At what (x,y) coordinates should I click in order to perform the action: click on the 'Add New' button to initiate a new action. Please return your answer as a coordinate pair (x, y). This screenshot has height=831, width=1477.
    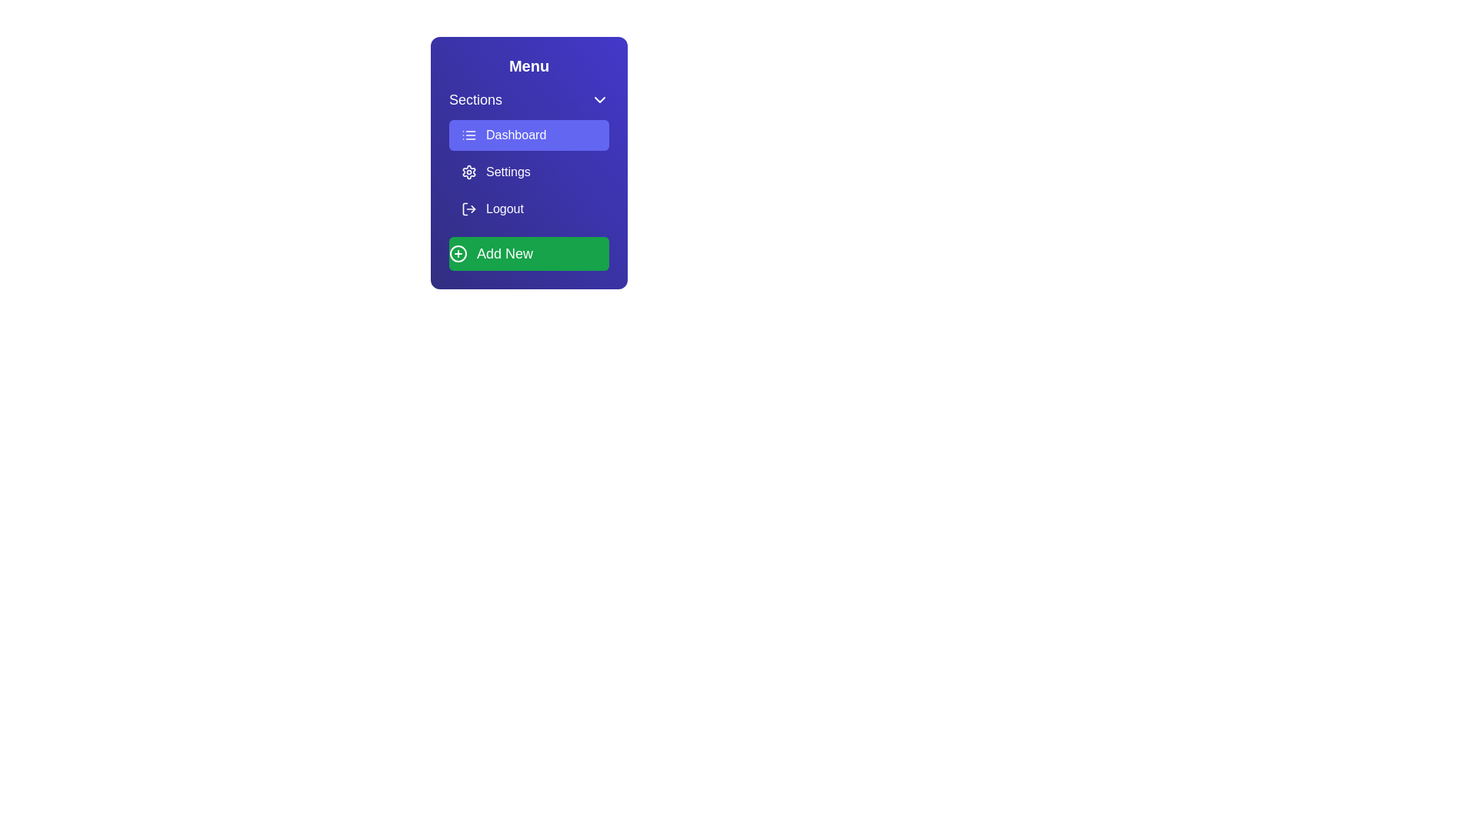
    Looking at the image, I should click on (528, 253).